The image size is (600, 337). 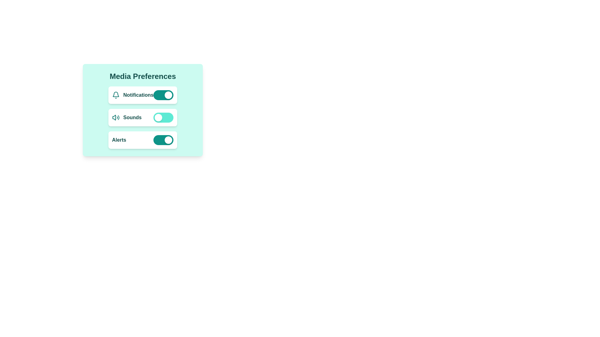 What do you see at coordinates (163, 95) in the screenshot?
I see `the toggle switch for notifications located on the right side of the 'Notifications' row within the 'Media Preferences' settings panel` at bounding box center [163, 95].